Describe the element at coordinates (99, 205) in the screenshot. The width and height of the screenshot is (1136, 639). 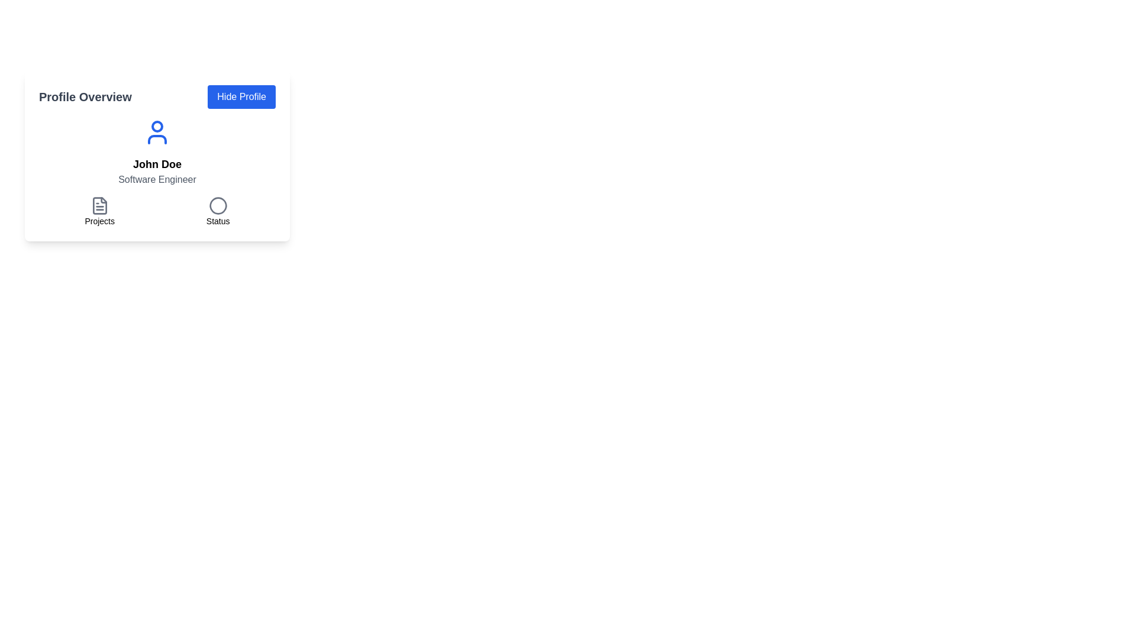
I see `the document or file icon located within the 'Projects' section card at the lower-left of the card` at that location.